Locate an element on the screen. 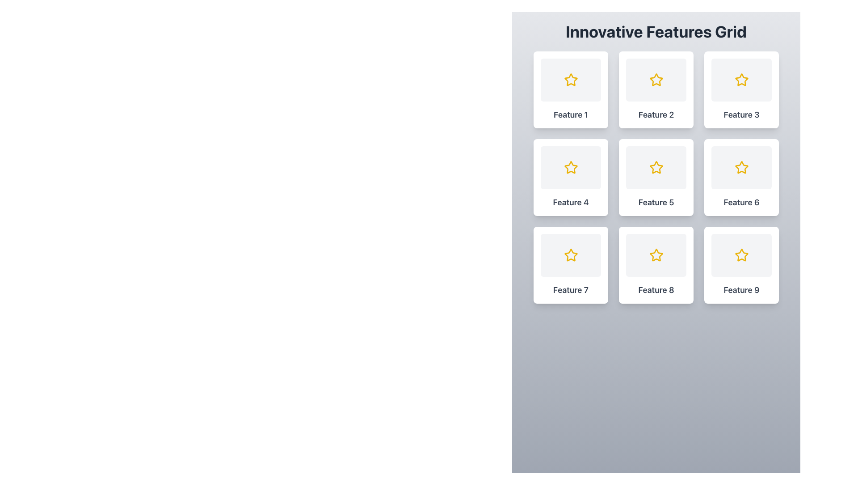  the star icon with a gold outline located at the center of the card labeled 'Feature 5' is located at coordinates (656, 167).